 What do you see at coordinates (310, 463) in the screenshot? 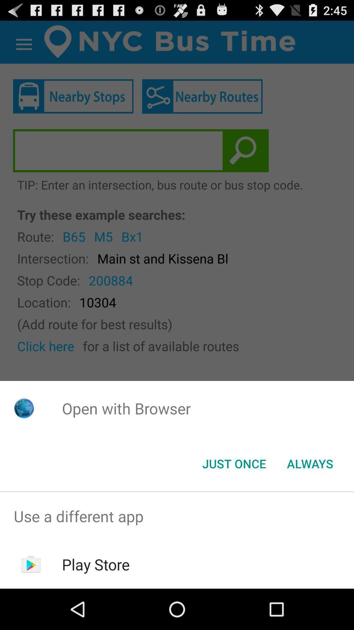
I see `always icon` at bounding box center [310, 463].